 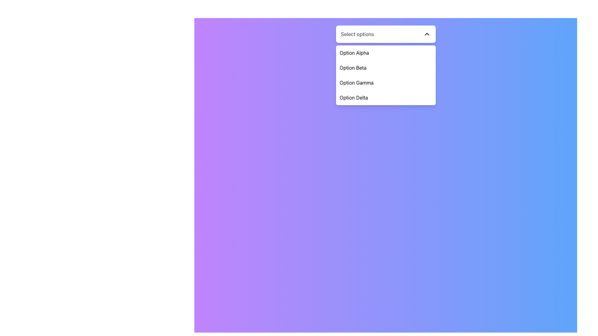 What do you see at coordinates (357, 34) in the screenshot?
I see `the Text Label that indicates the action for the dropdown functionality, positioned above and slightly to the left of a chevron icon` at bounding box center [357, 34].